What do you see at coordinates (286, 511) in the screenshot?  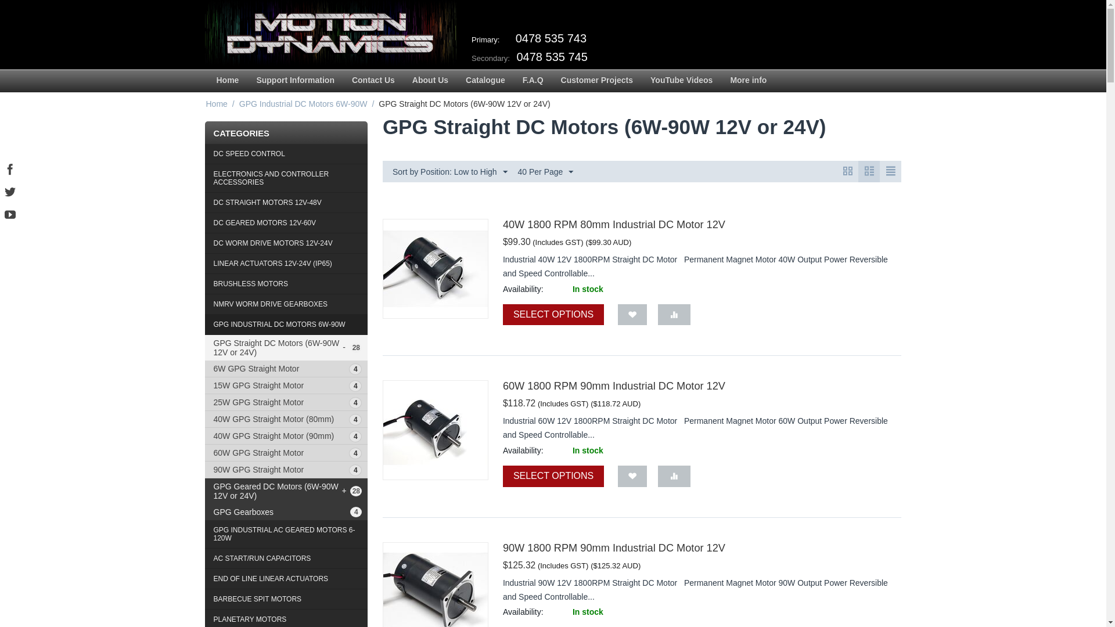 I see `'GPG Gearboxes` at bounding box center [286, 511].